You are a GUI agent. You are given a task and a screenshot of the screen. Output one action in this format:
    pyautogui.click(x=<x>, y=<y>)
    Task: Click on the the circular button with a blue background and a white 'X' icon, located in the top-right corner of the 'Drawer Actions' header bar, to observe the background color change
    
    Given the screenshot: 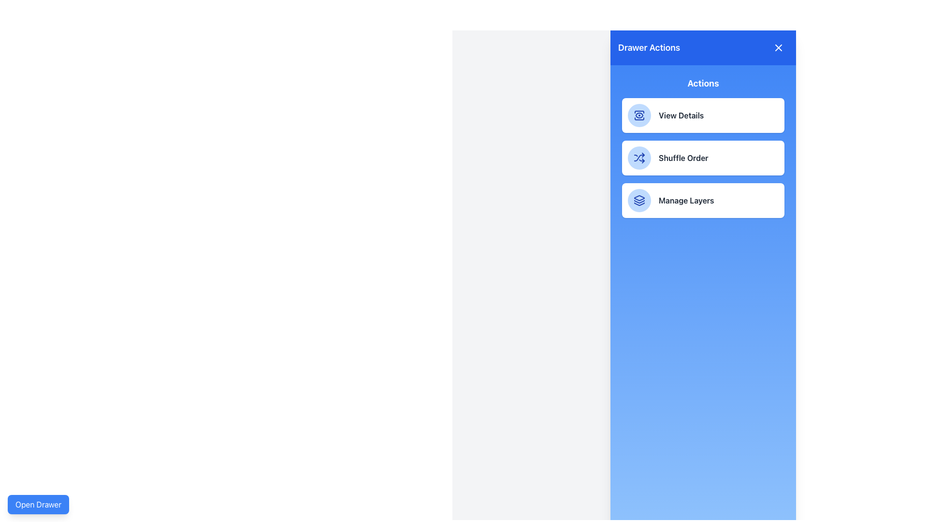 What is the action you would take?
    pyautogui.click(x=779, y=48)
    